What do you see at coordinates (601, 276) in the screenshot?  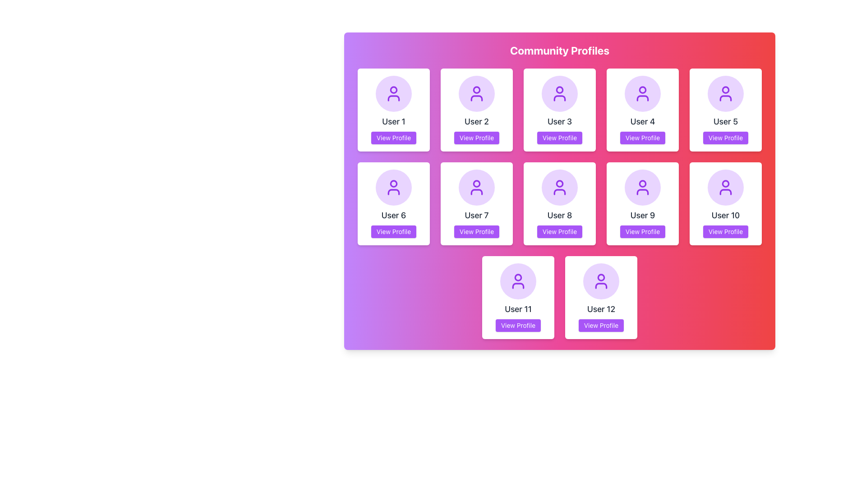 I see `the SVG Circle representing the head of User 12 in the Community Profiles section, located in the last row, second column of the grid` at bounding box center [601, 276].